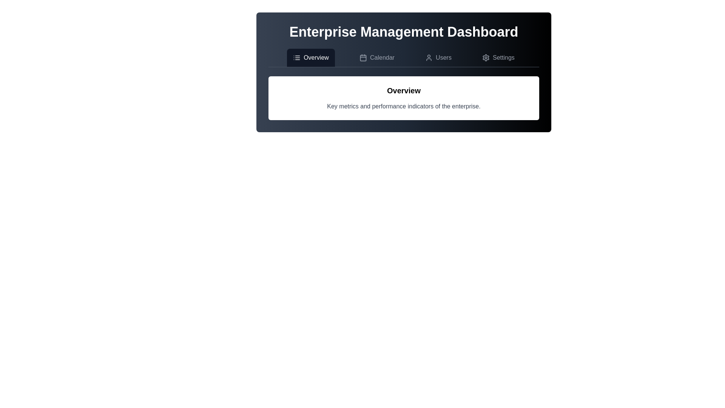 The height and width of the screenshot is (408, 725). Describe the element at coordinates (296, 57) in the screenshot. I see `the Overview icon located in the navigation bar to the left of the text "Overview"` at that location.